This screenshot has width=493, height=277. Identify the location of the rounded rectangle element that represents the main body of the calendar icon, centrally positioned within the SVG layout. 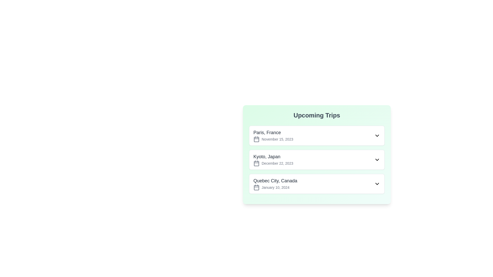
(256, 139).